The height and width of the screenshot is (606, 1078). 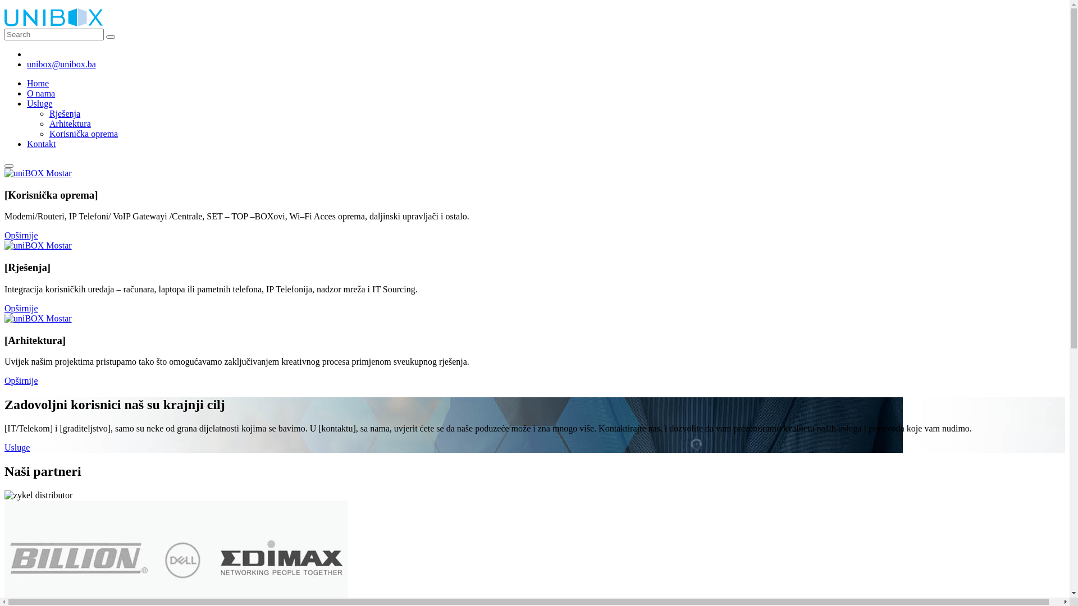 I want to click on 'Arhitektura', so click(x=69, y=123).